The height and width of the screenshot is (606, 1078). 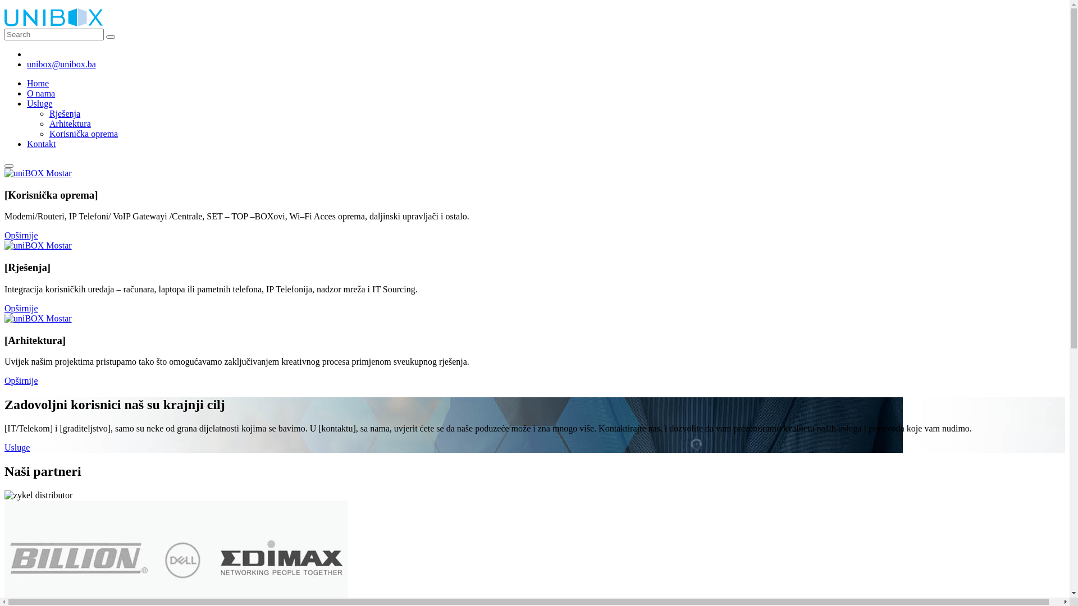 I want to click on 'Arhitektura', so click(x=69, y=123).